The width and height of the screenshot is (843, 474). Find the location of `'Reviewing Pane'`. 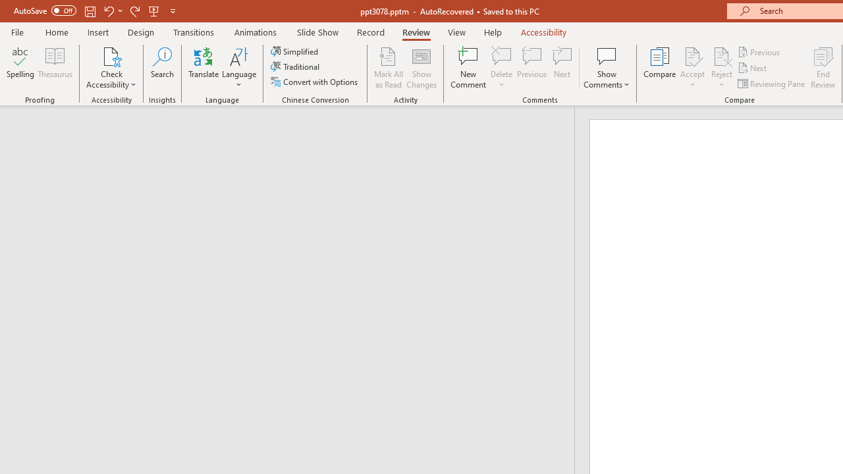

'Reviewing Pane' is located at coordinates (773, 84).